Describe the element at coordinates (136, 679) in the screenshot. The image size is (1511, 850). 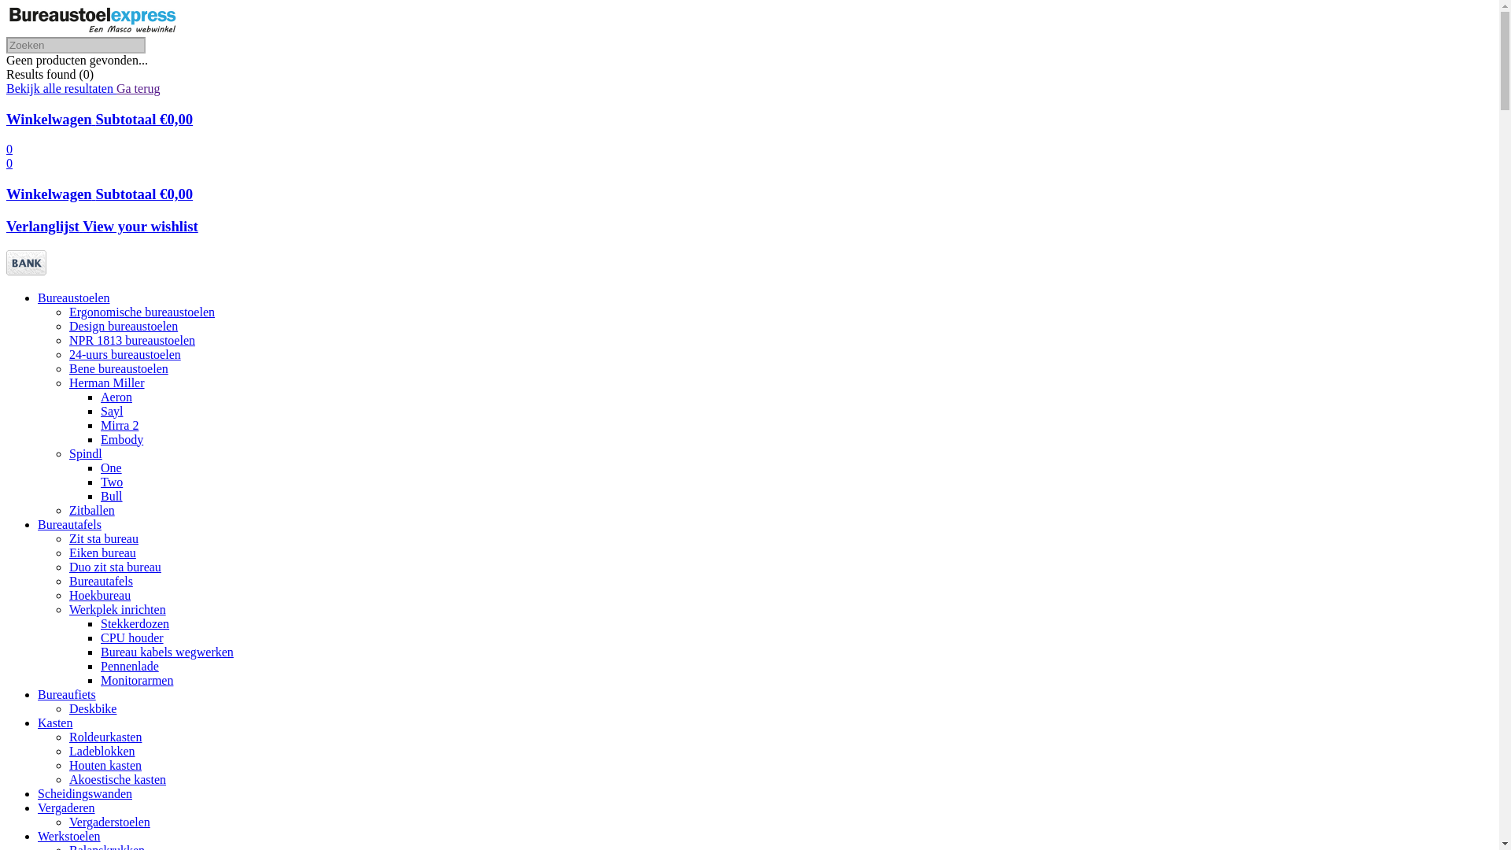
I see `'Monitorarmen'` at that location.